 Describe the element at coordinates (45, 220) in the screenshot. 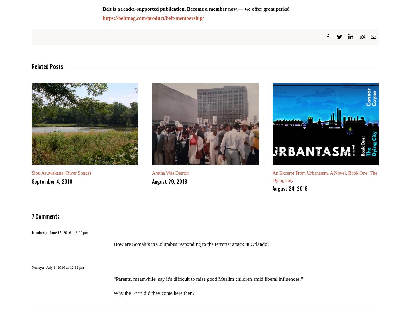

I see `'7 Comments'` at that location.